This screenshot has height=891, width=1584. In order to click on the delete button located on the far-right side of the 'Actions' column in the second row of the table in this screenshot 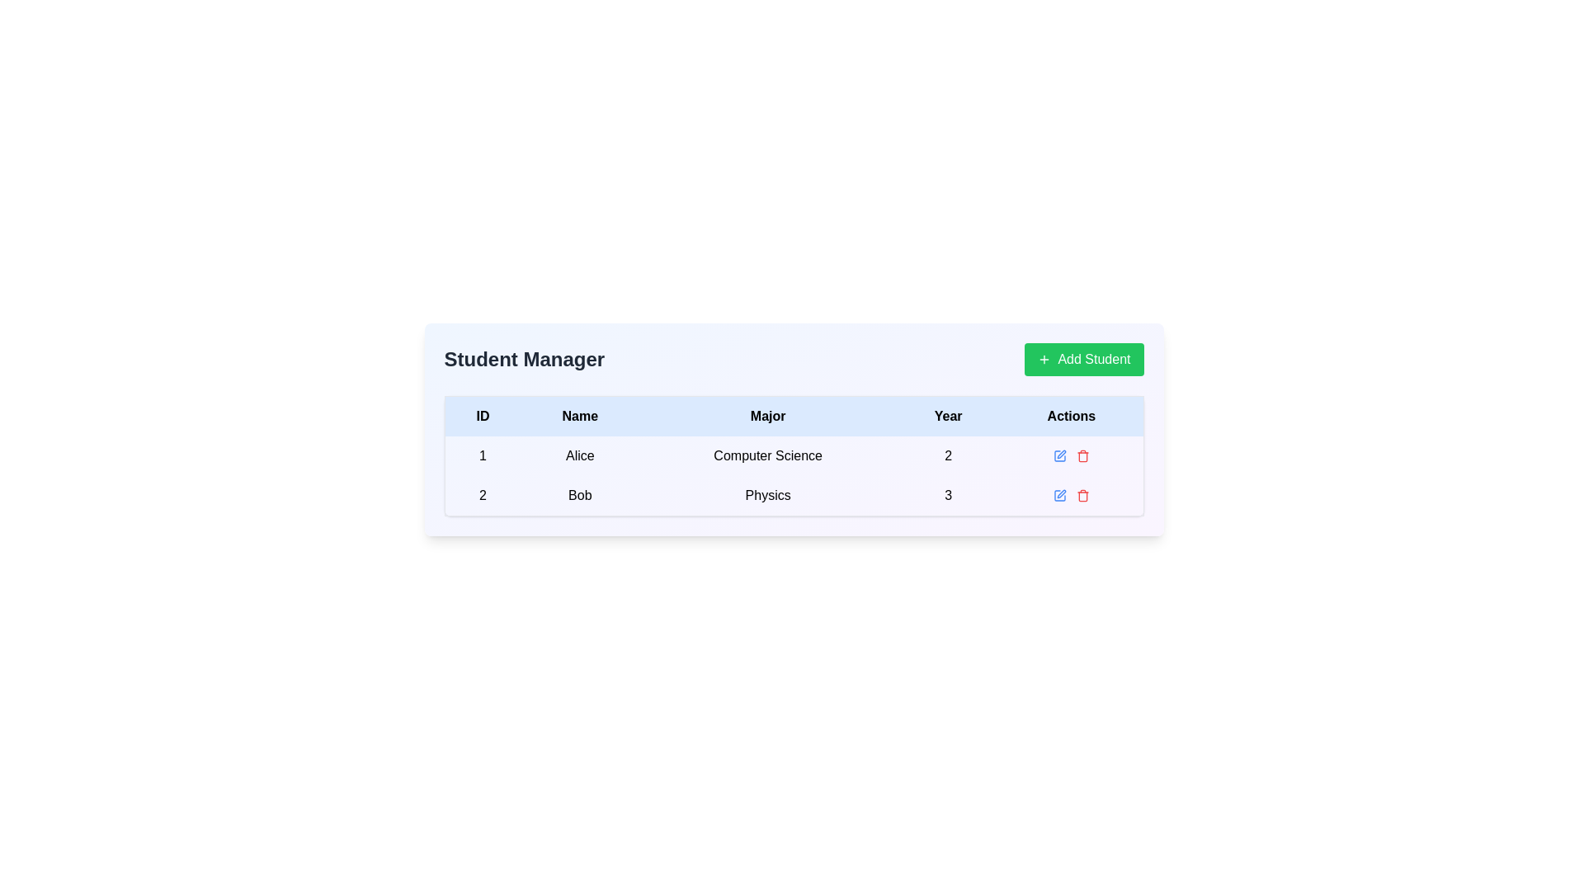, I will do `click(1082, 455)`.